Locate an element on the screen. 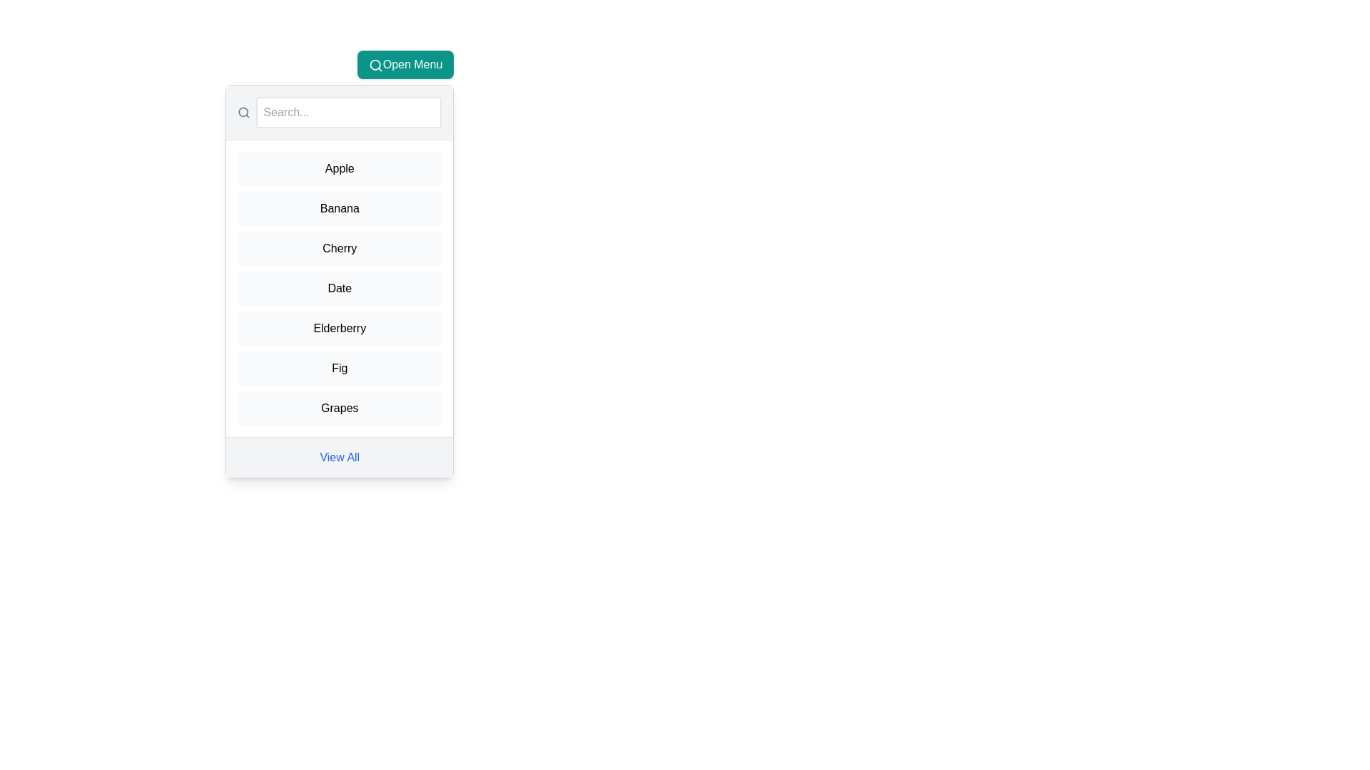  the magnifying glass icon, which is styled with a thin grey stroke and positioned to the left of the text input field that says 'Search...' is located at coordinates (244, 112).